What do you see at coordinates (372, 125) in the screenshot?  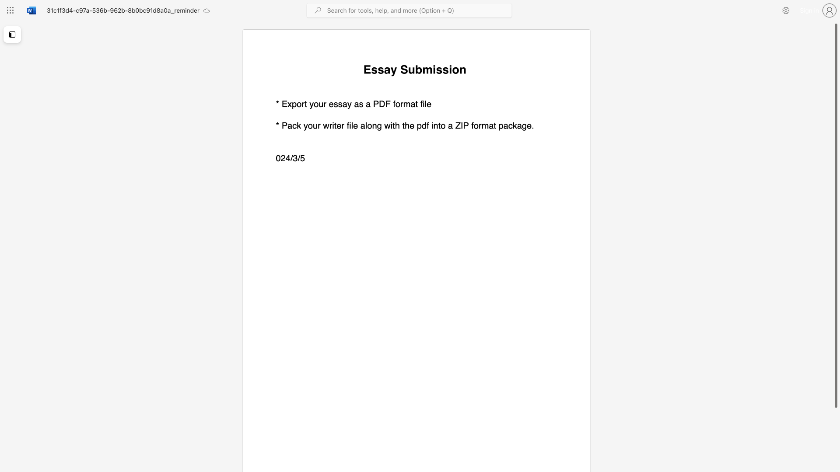 I see `the subset text "ng" within the text "Pack your writer file along with the pdf into a ZIP format package."` at bounding box center [372, 125].